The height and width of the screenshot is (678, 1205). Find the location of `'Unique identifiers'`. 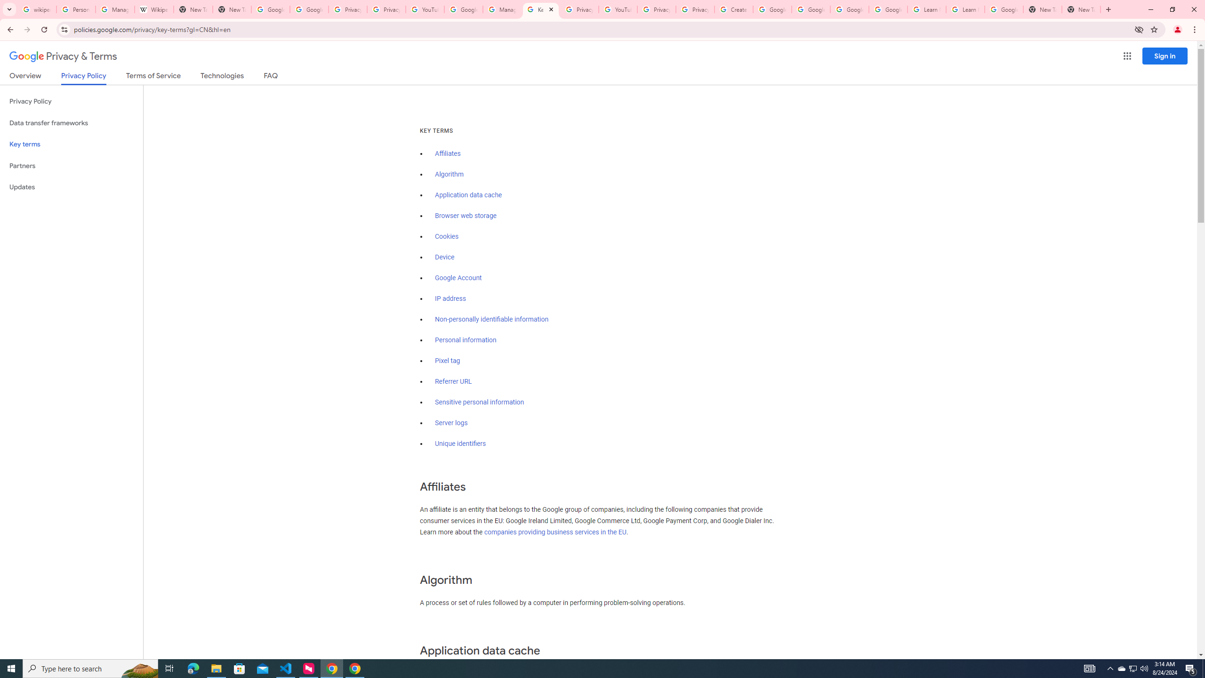

'Unique identifiers' is located at coordinates (460, 444).